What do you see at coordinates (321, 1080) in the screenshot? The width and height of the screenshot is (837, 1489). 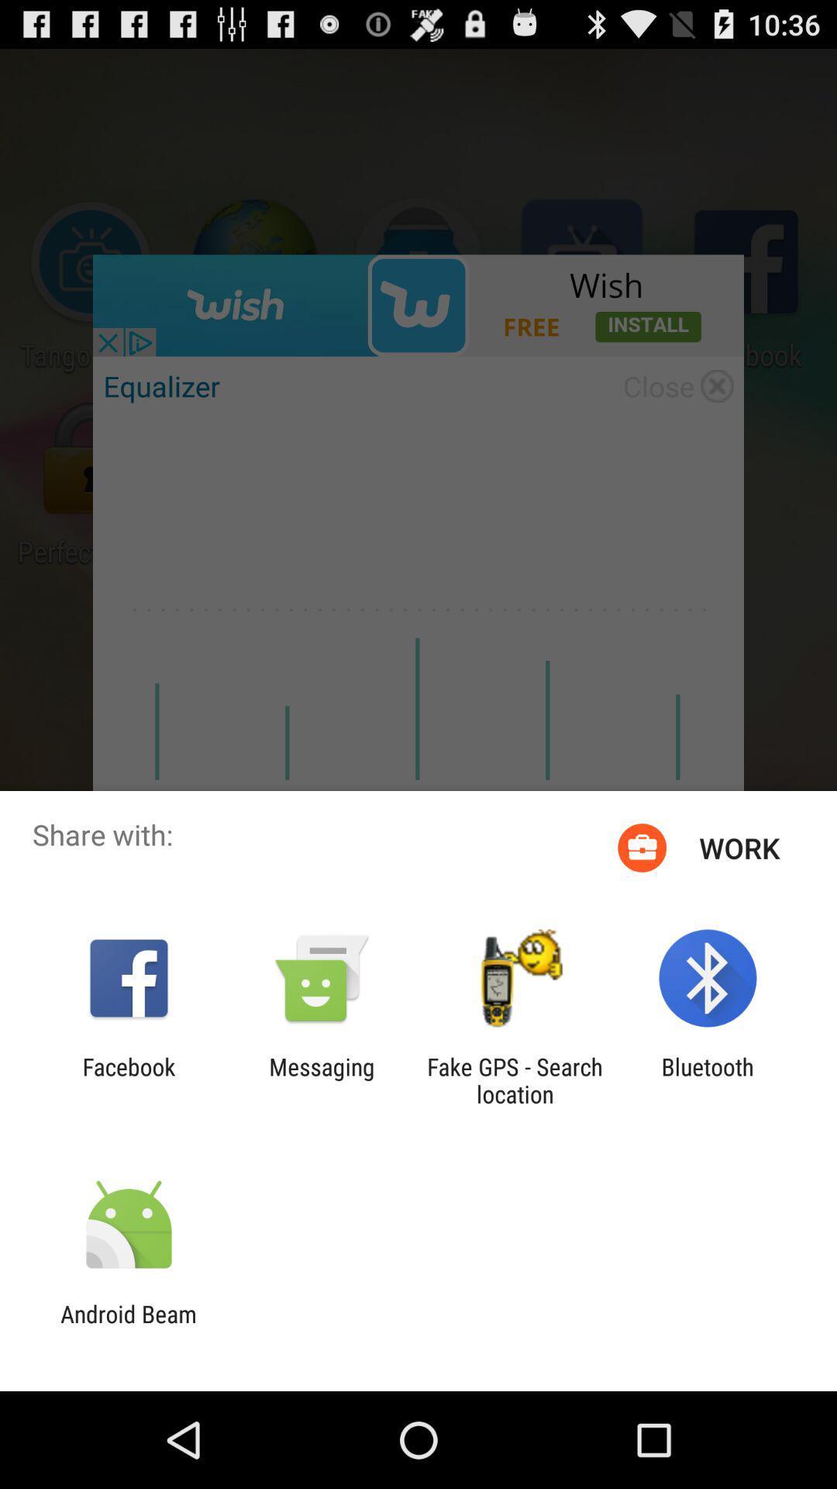 I see `item next to fake gps search item` at bounding box center [321, 1080].